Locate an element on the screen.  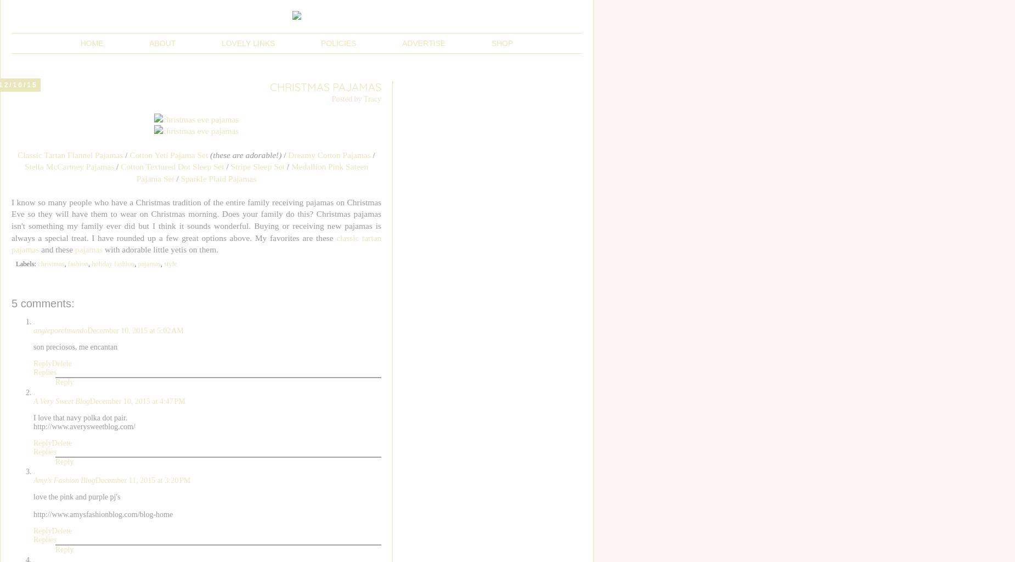
'Sparkle Plaid Pajamas' is located at coordinates (217, 177).